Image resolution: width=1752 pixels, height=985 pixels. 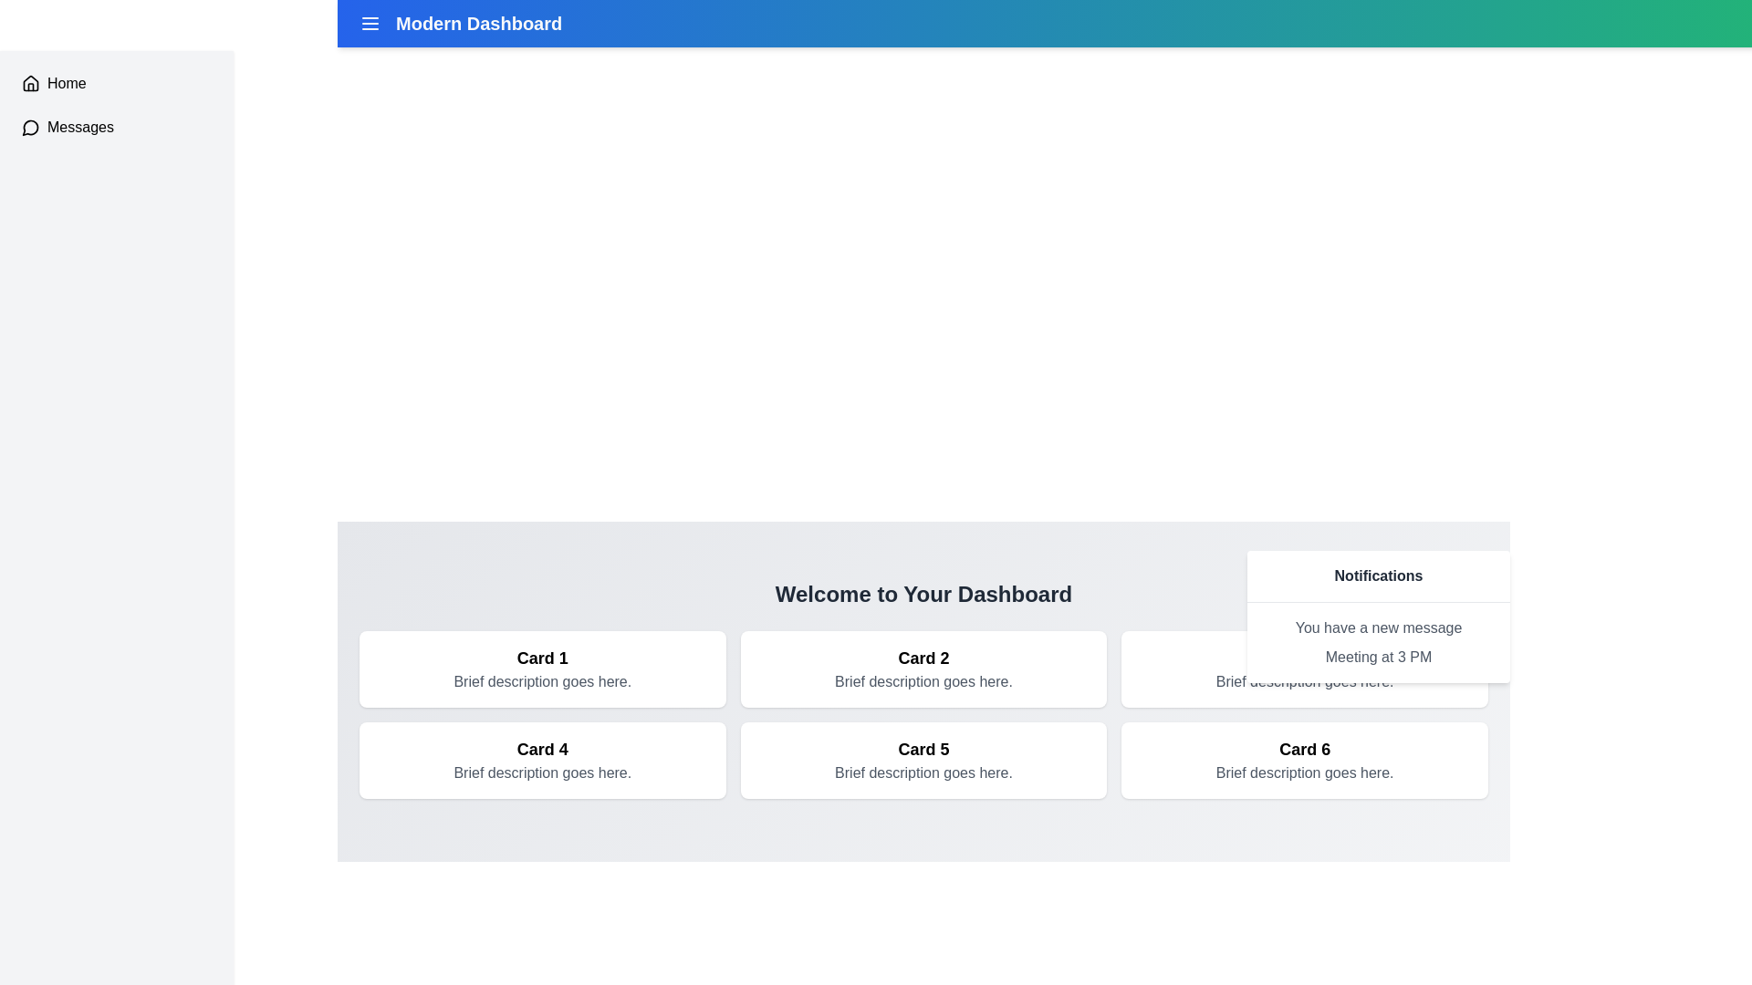 I want to click on the 'Messages' button located in the left sidebar, which is the second element in the vertical list of menu items, so click(x=116, y=126).